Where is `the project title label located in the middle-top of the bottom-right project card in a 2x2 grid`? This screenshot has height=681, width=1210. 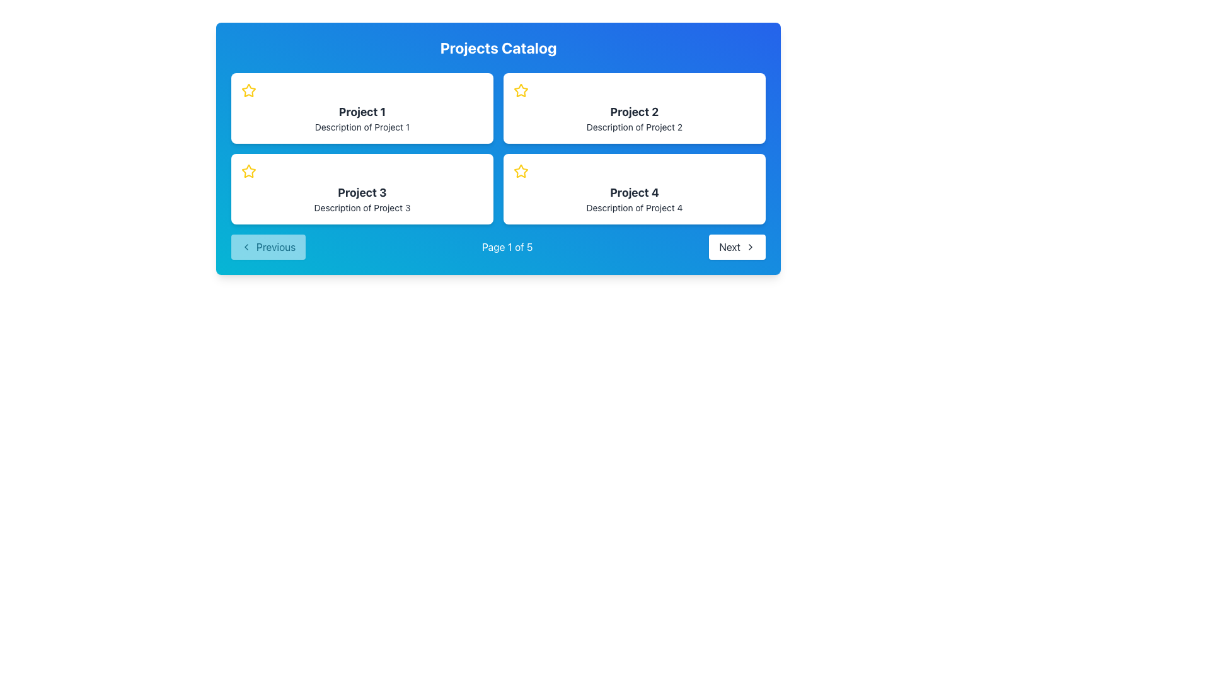
the project title label located in the middle-top of the bottom-right project card in a 2x2 grid is located at coordinates (635, 192).